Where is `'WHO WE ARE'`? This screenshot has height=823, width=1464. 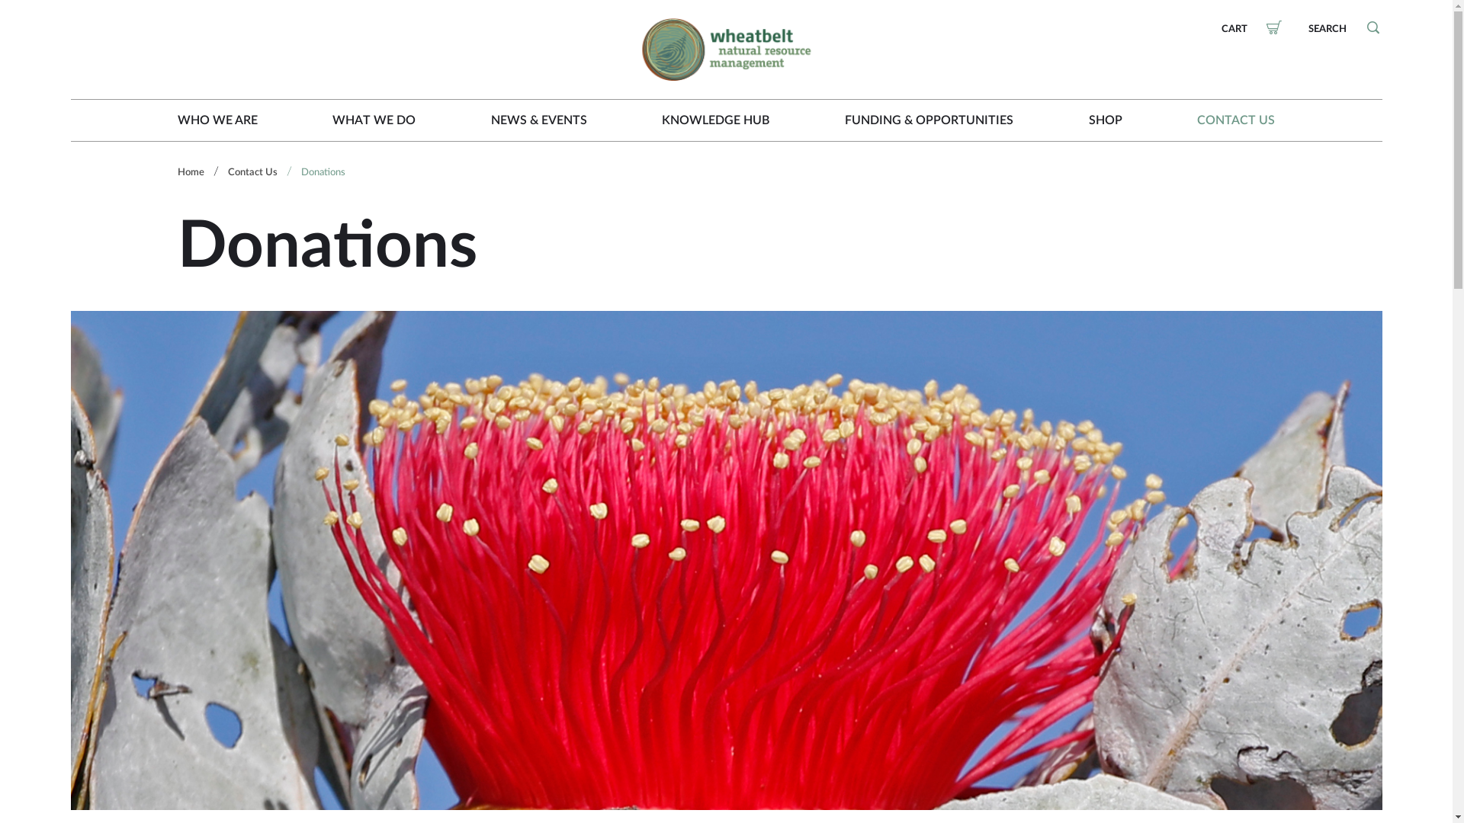
'WHO WE ARE' is located at coordinates (216, 120).